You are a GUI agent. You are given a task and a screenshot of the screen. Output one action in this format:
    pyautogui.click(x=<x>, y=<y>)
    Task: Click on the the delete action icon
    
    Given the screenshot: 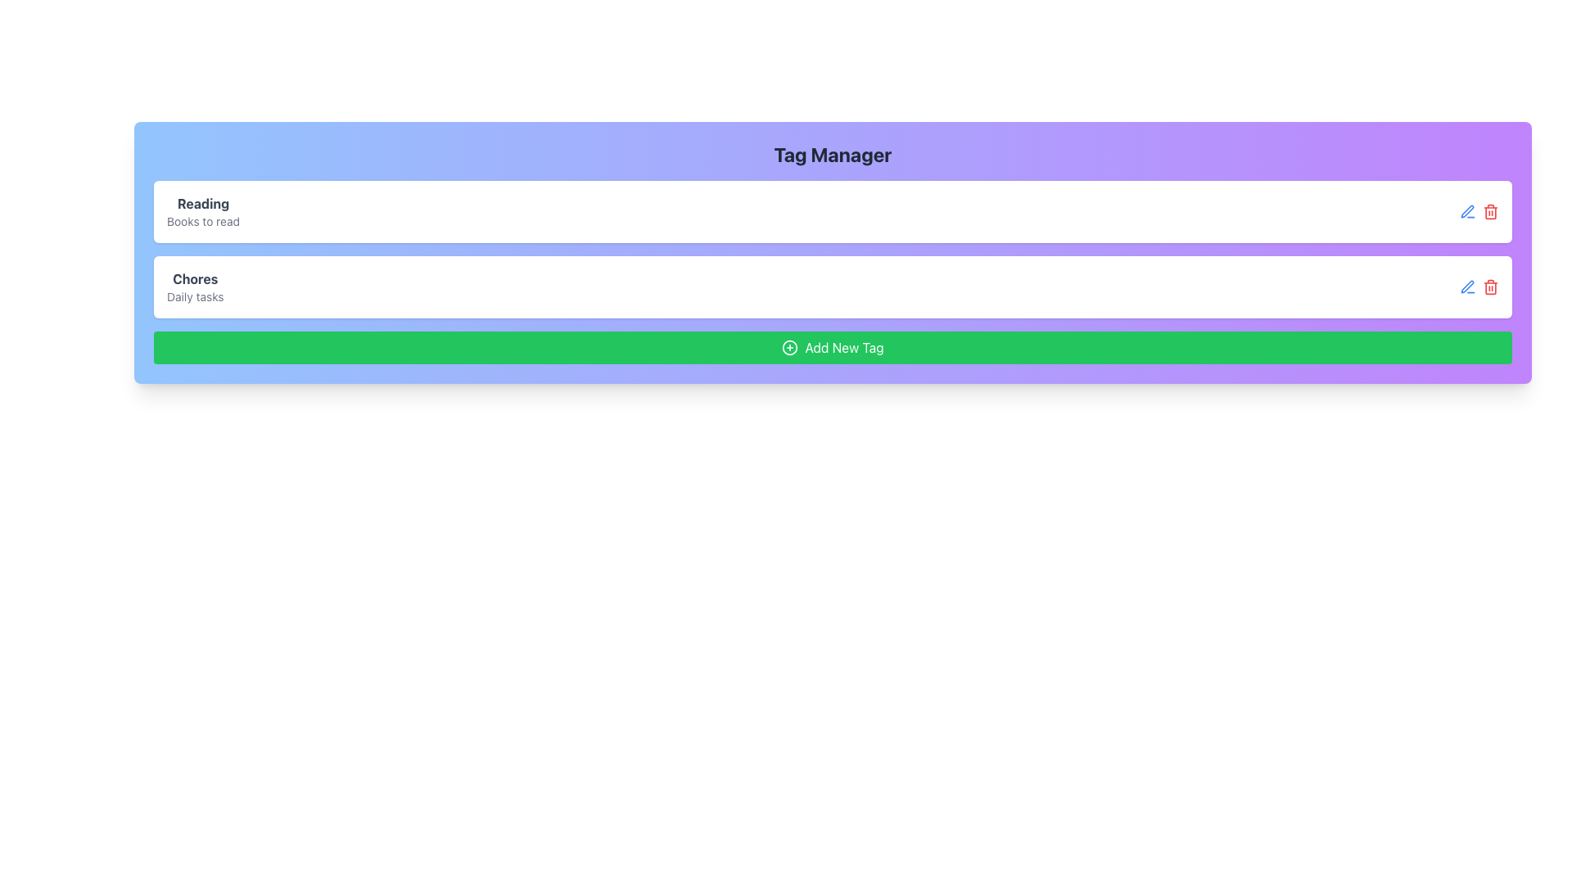 What is the action you would take?
    pyautogui.click(x=1490, y=211)
    